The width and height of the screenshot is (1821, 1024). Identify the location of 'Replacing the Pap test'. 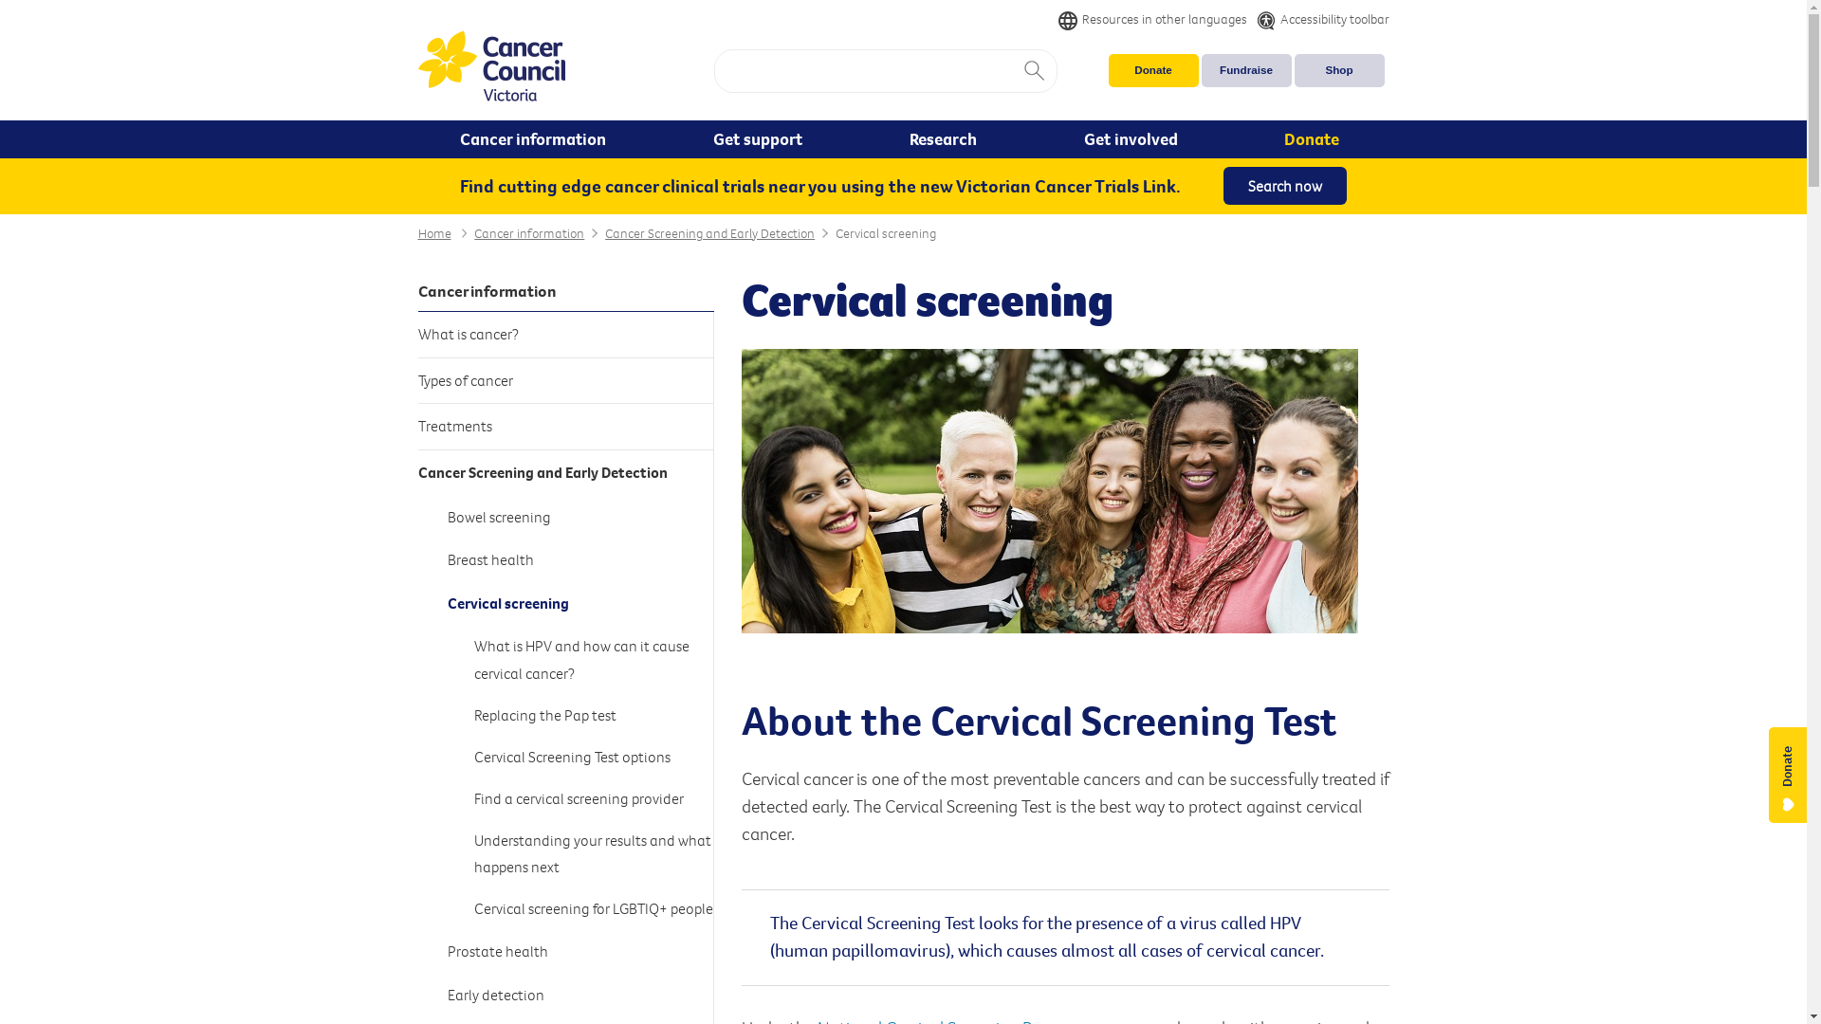
(593, 714).